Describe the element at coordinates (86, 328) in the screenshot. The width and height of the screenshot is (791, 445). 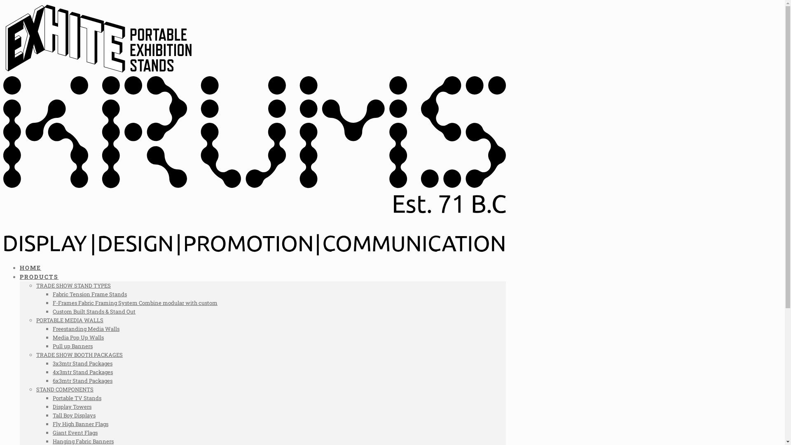
I see `'Freestanding Media Walls'` at that location.